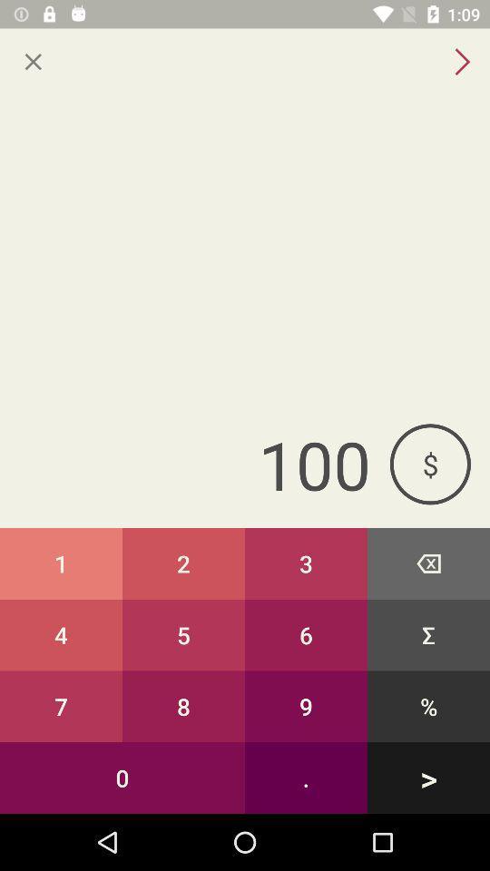 The width and height of the screenshot is (490, 871). What do you see at coordinates (61, 563) in the screenshot?
I see `icon below 100` at bounding box center [61, 563].